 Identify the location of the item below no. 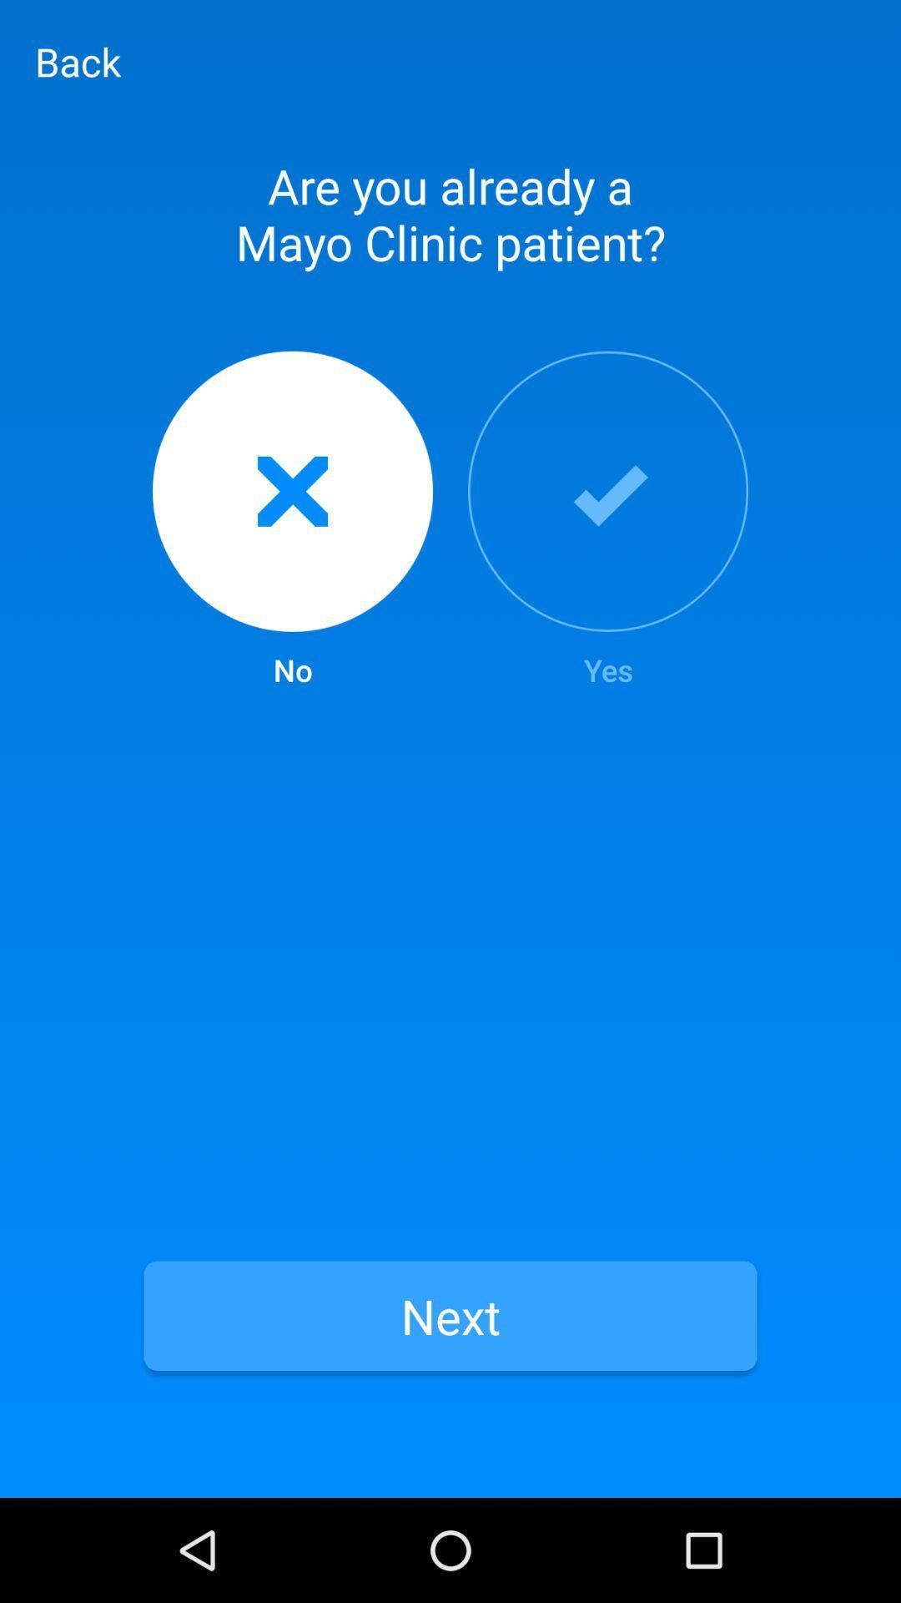
(450, 1315).